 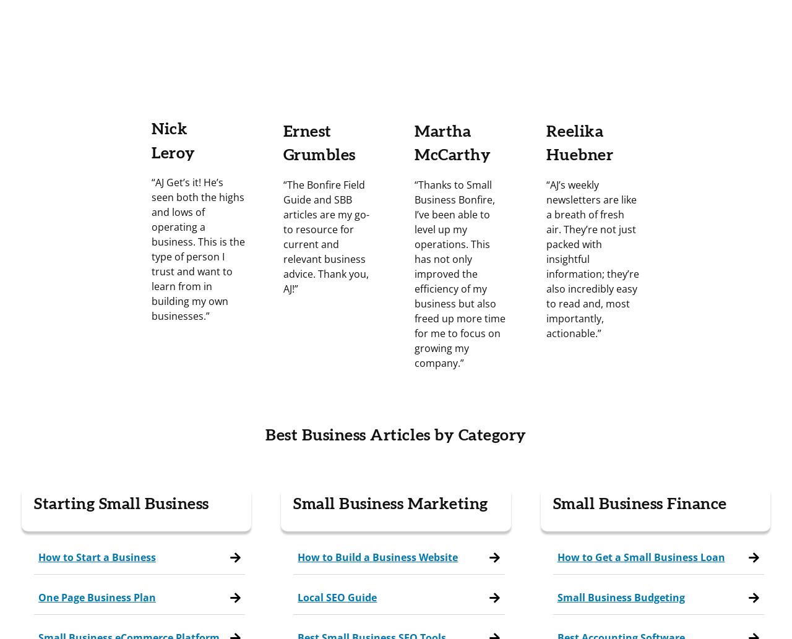 I want to click on 'Reelika Huebner', so click(x=579, y=142).